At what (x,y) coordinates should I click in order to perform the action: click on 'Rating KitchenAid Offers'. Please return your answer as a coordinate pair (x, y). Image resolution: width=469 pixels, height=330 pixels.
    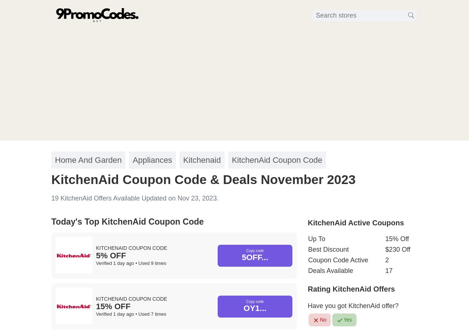
    Looking at the image, I should click on (307, 288).